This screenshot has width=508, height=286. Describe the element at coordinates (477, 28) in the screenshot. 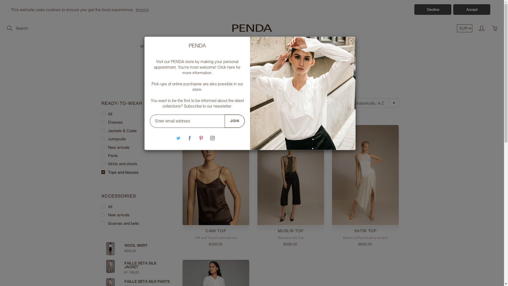

I see `'My account'` at that location.